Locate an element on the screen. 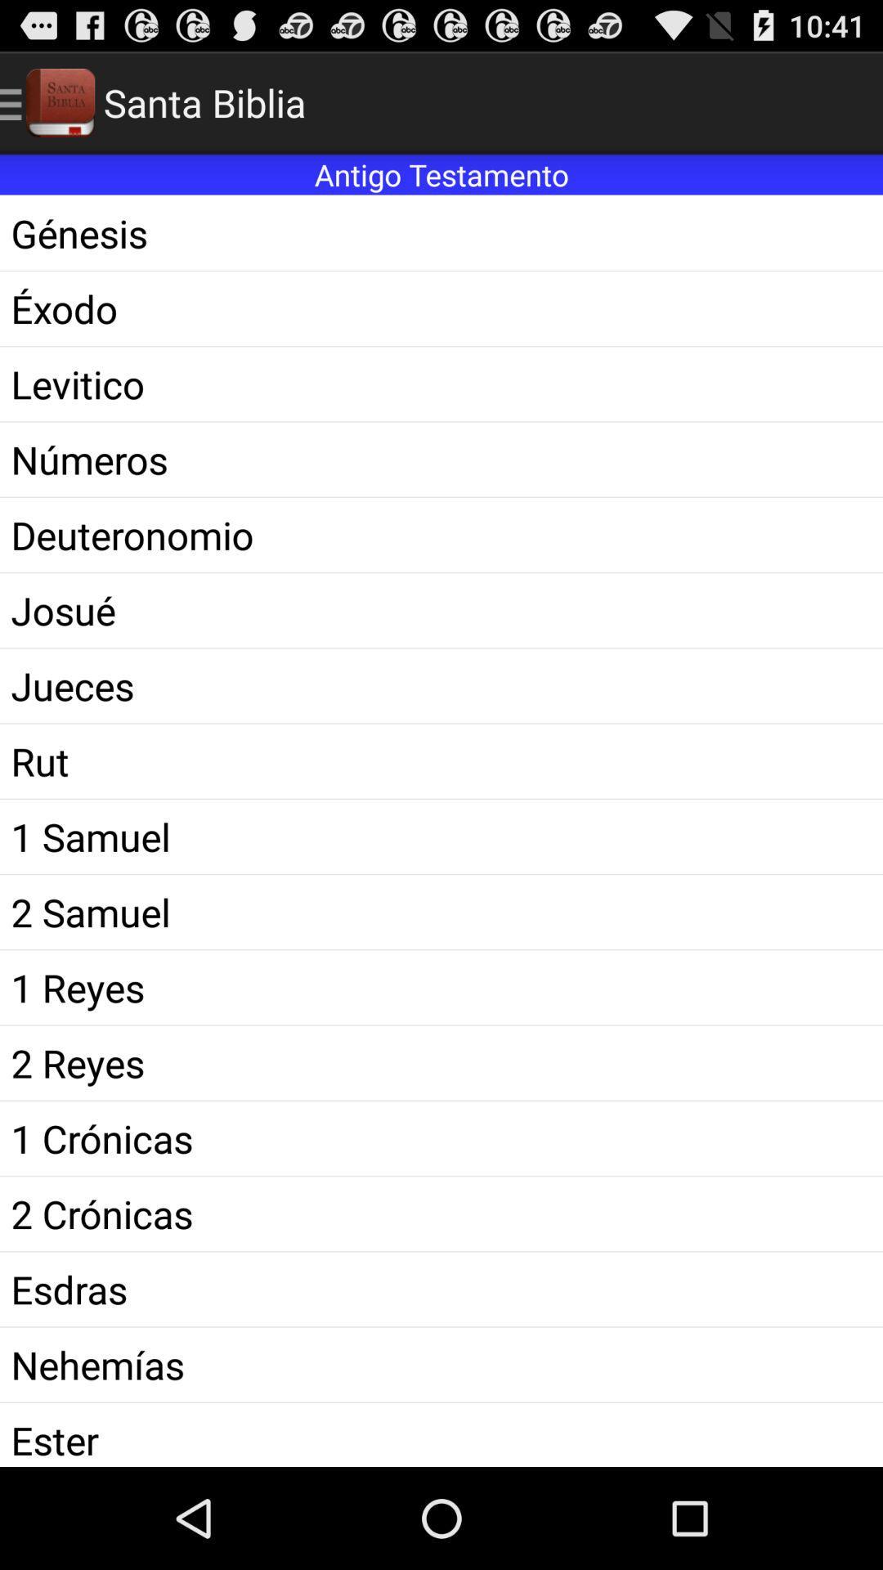 The height and width of the screenshot is (1570, 883). the deuteronomio item is located at coordinates (441, 535).